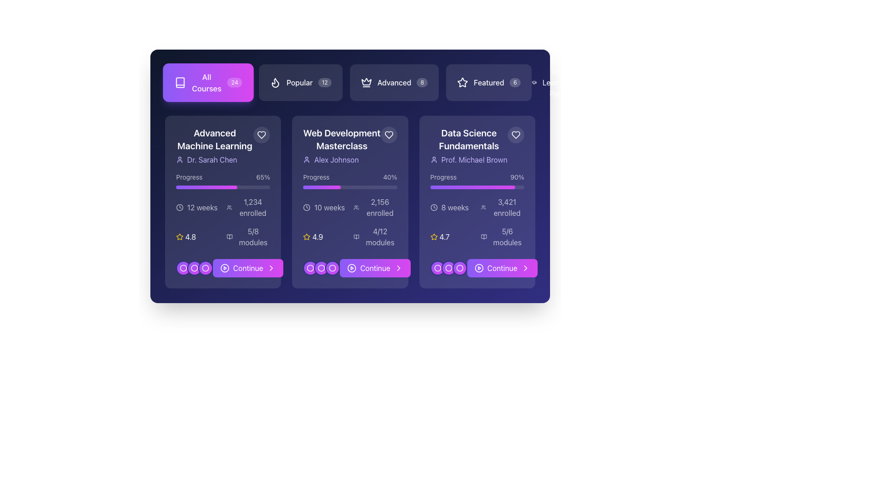 This screenshot has height=496, width=883. I want to click on the text with icon label displaying '4/12 modules' which indicates progress in the 'Web Development Masterclass' course card, located in the second column of the grid layout, so click(375, 237).